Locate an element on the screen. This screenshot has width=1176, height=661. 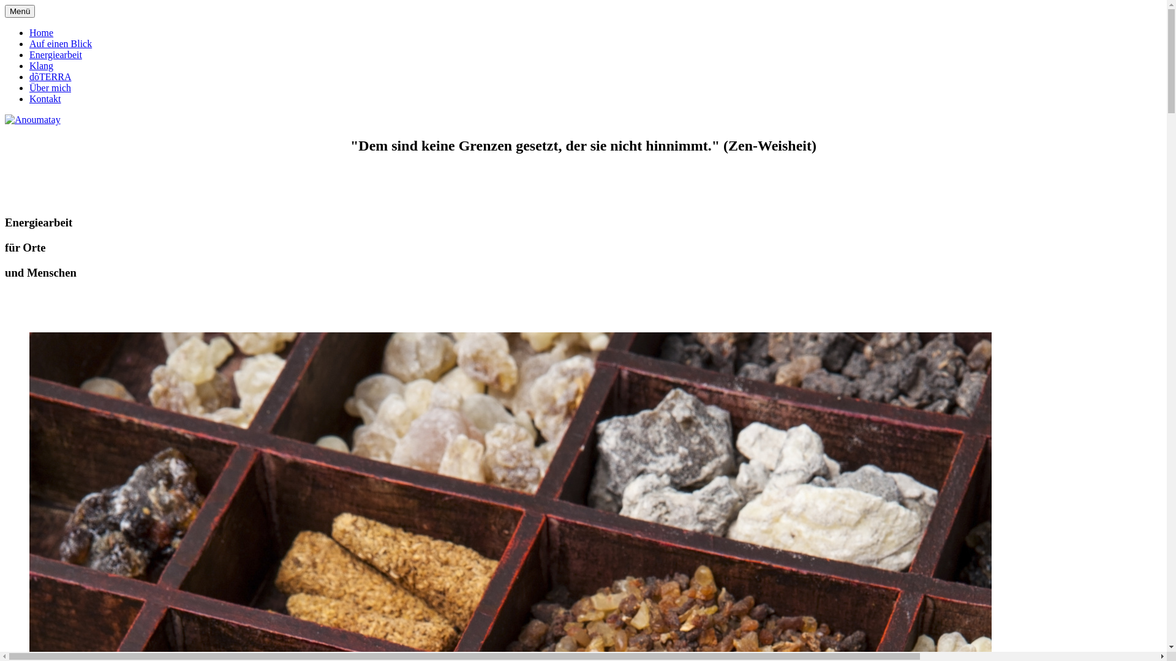
'Anoumatay' is located at coordinates (32, 120).